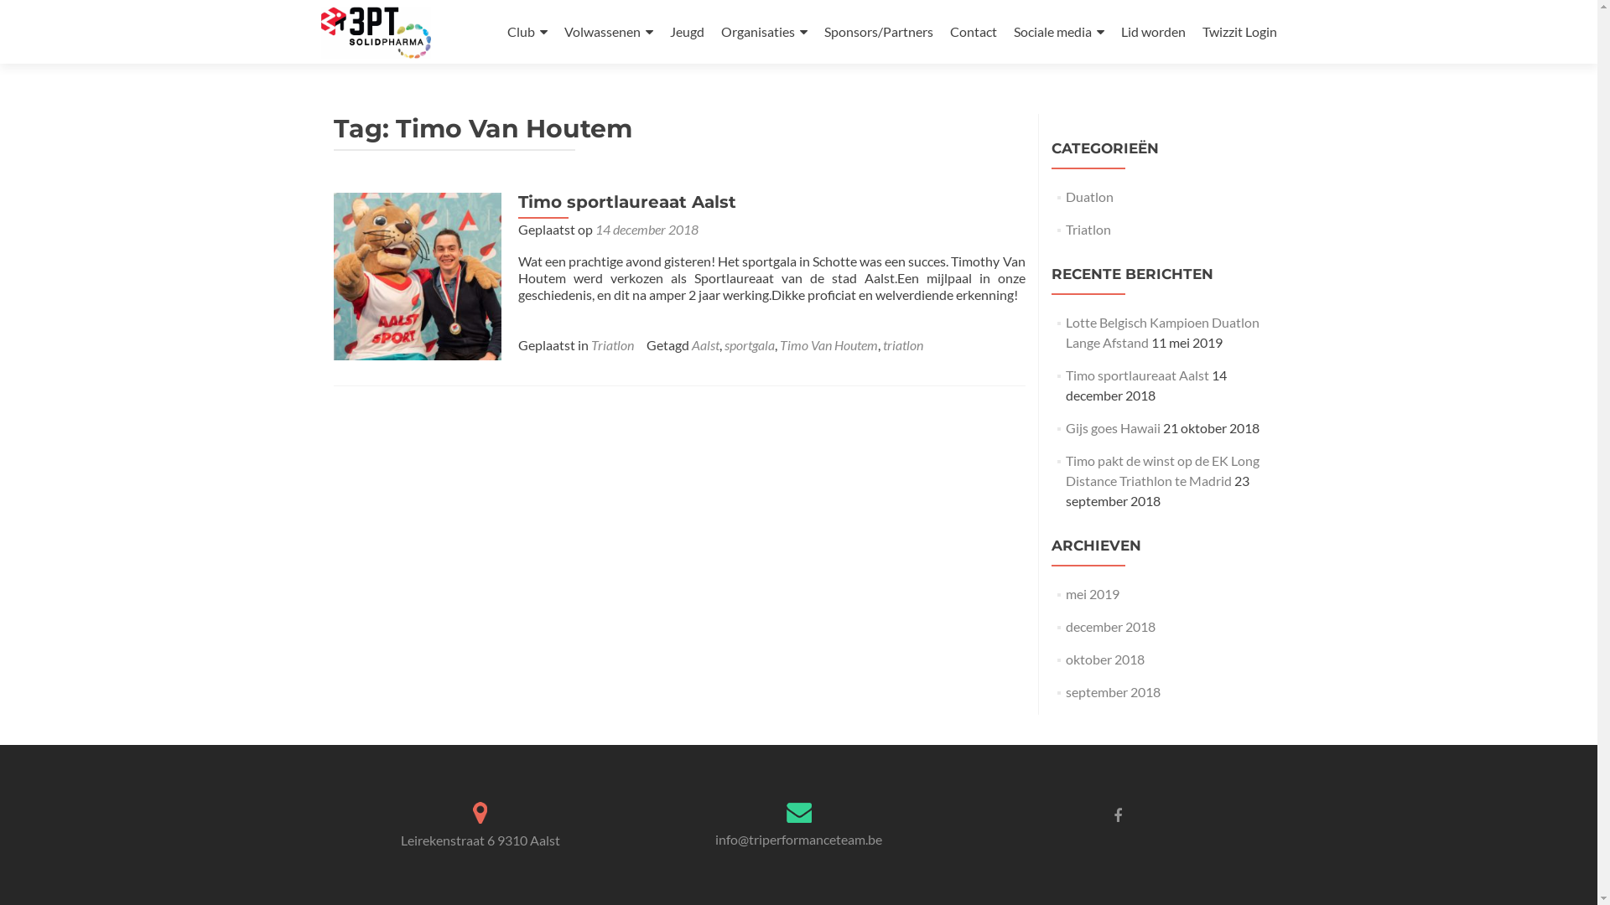  I want to click on 'september 2018', so click(1113, 691).